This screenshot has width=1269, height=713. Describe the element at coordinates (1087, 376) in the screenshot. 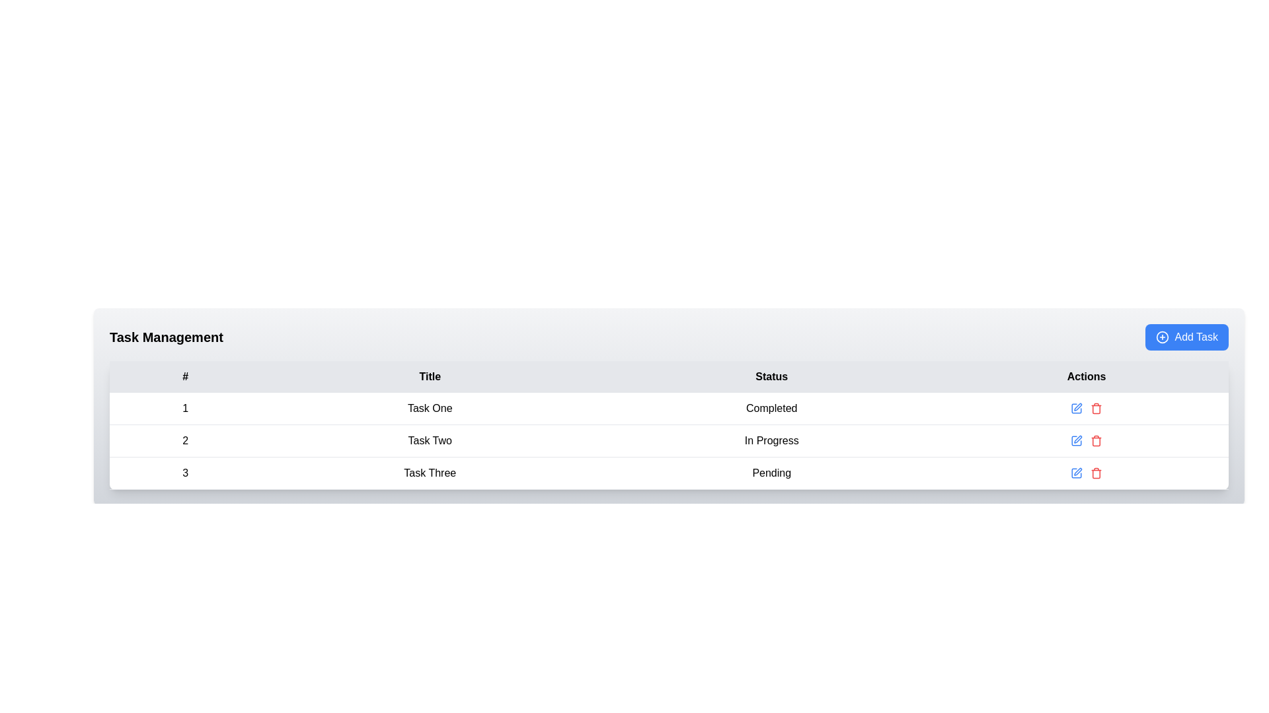

I see `the text label displaying 'Actions' located in the rightmost column header of a table structure` at that location.